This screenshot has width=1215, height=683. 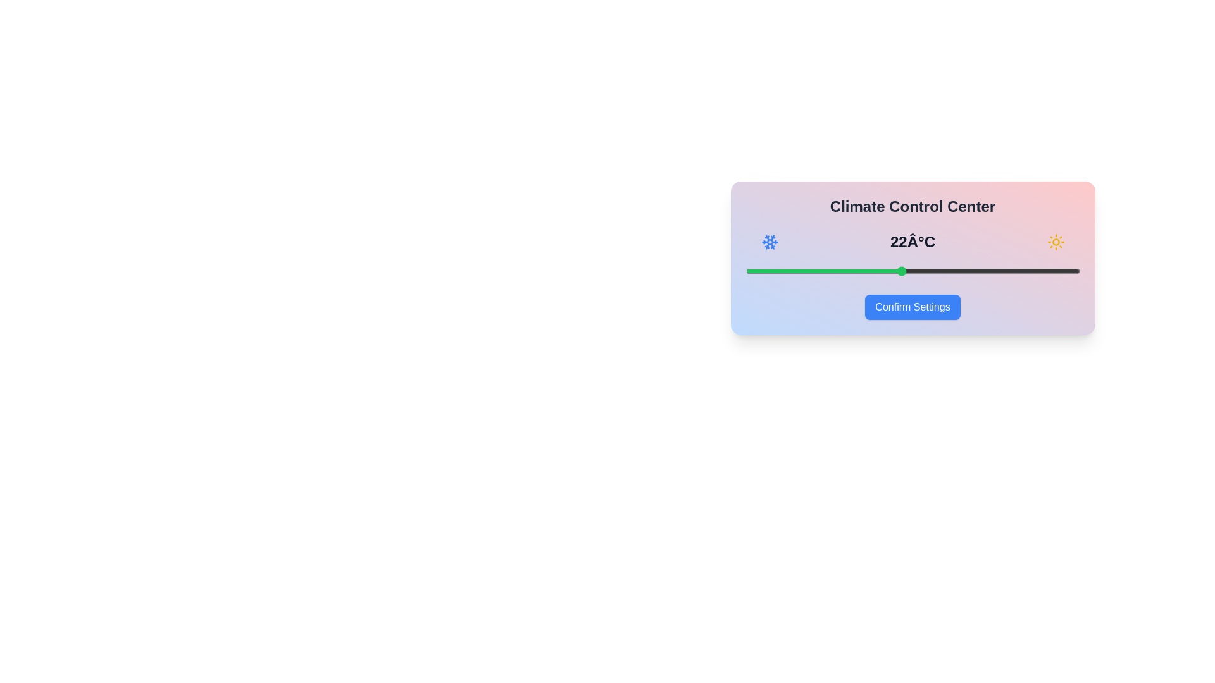 I want to click on the temperature to 22°C using the slider, so click(x=900, y=270).